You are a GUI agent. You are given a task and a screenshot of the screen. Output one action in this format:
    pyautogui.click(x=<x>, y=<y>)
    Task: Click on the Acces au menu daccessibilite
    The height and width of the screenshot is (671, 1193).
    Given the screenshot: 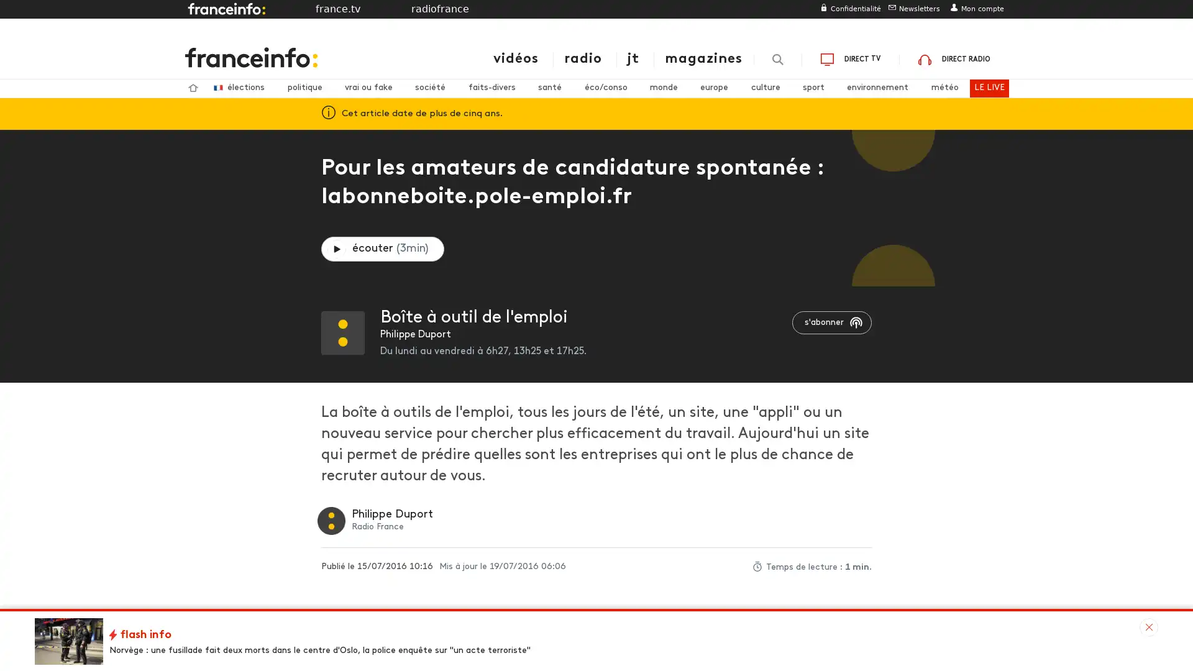 What is the action you would take?
    pyautogui.click(x=262, y=12)
    